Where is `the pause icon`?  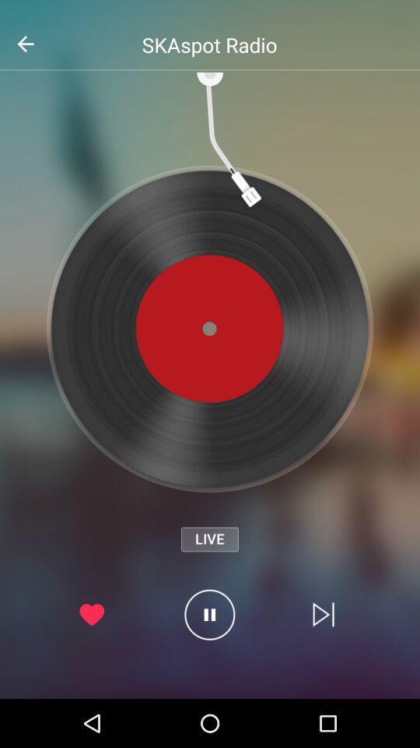 the pause icon is located at coordinates (209, 615).